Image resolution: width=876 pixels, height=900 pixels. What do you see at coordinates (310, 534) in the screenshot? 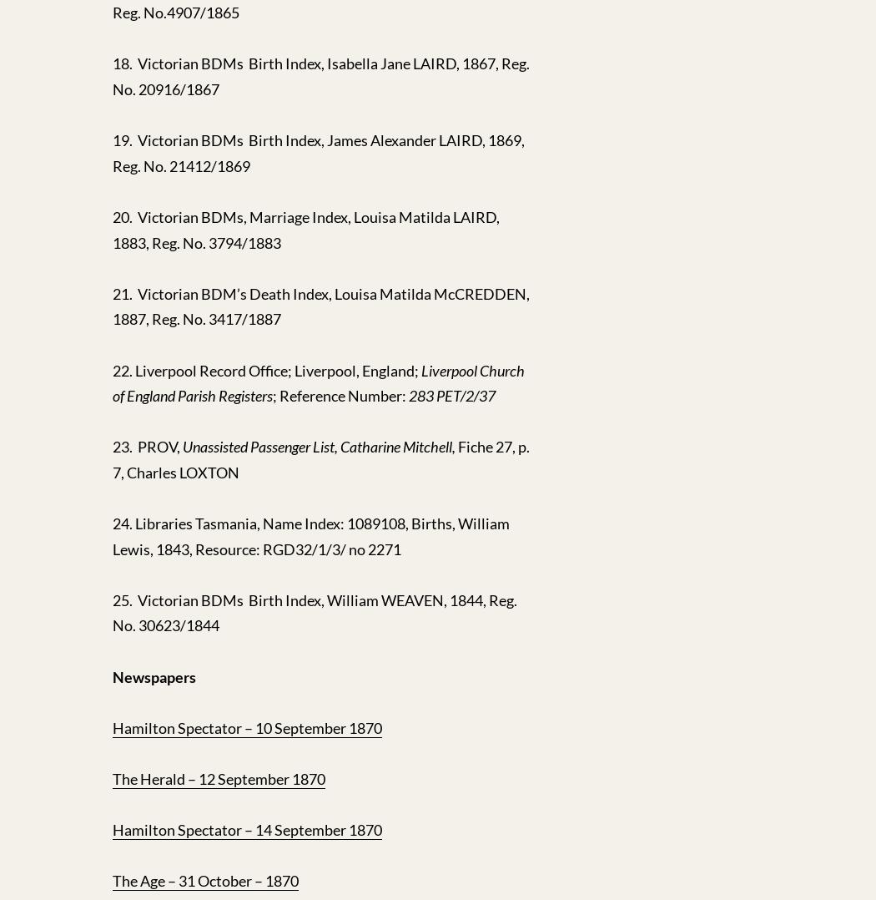
I see `'24. Libraries Tasmania, Name Index: 1089108, Births, William Lewis, 1843, Resource: RGD32/1/3/ no 2271'` at bounding box center [310, 534].